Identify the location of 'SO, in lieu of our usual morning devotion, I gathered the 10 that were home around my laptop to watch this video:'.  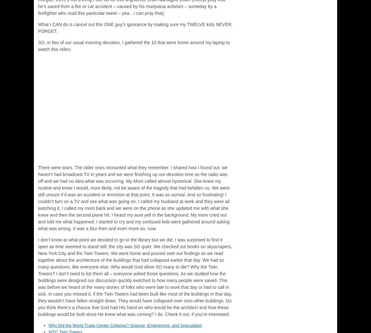
(134, 46).